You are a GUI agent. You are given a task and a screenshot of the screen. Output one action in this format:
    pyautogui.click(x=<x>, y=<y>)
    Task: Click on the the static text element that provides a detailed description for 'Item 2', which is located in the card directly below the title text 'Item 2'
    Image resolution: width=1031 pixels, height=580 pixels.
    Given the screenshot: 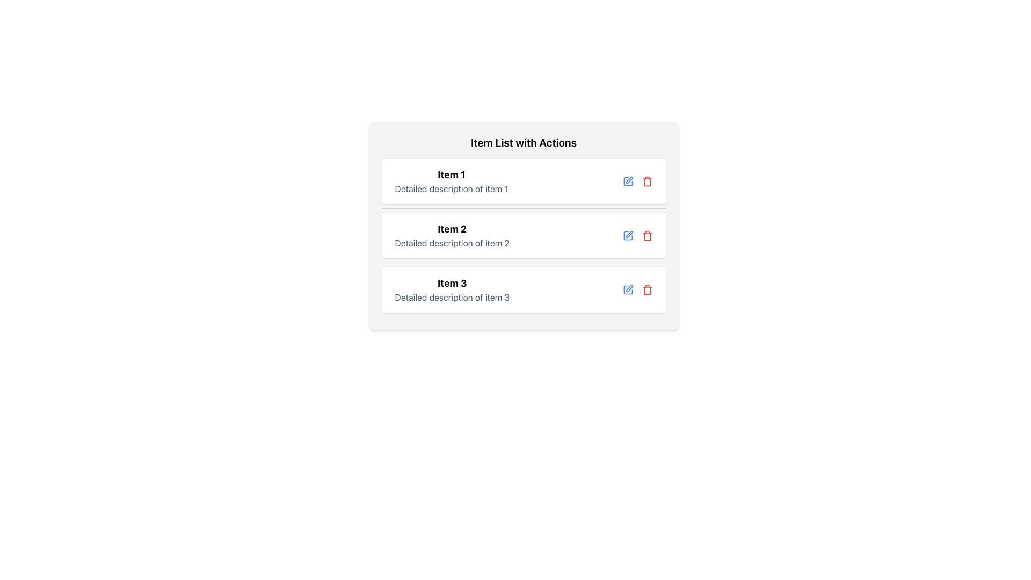 What is the action you would take?
    pyautogui.click(x=452, y=243)
    